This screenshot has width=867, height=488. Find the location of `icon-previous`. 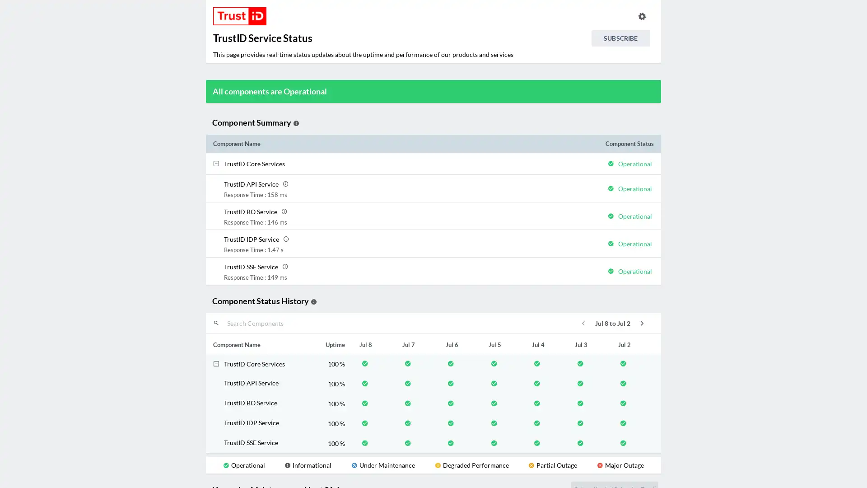

icon-previous is located at coordinates (583, 322).